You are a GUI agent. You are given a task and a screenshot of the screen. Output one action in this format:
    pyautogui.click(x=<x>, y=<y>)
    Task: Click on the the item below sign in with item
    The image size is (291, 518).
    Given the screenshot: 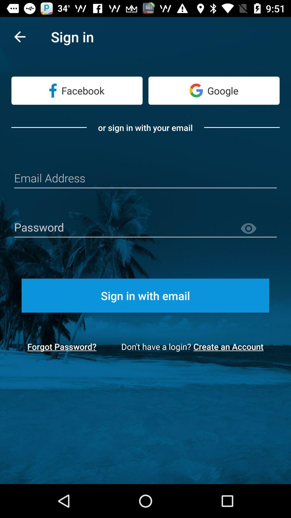 What is the action you would take?
    pyautogui.click(x=230, y=346)
    